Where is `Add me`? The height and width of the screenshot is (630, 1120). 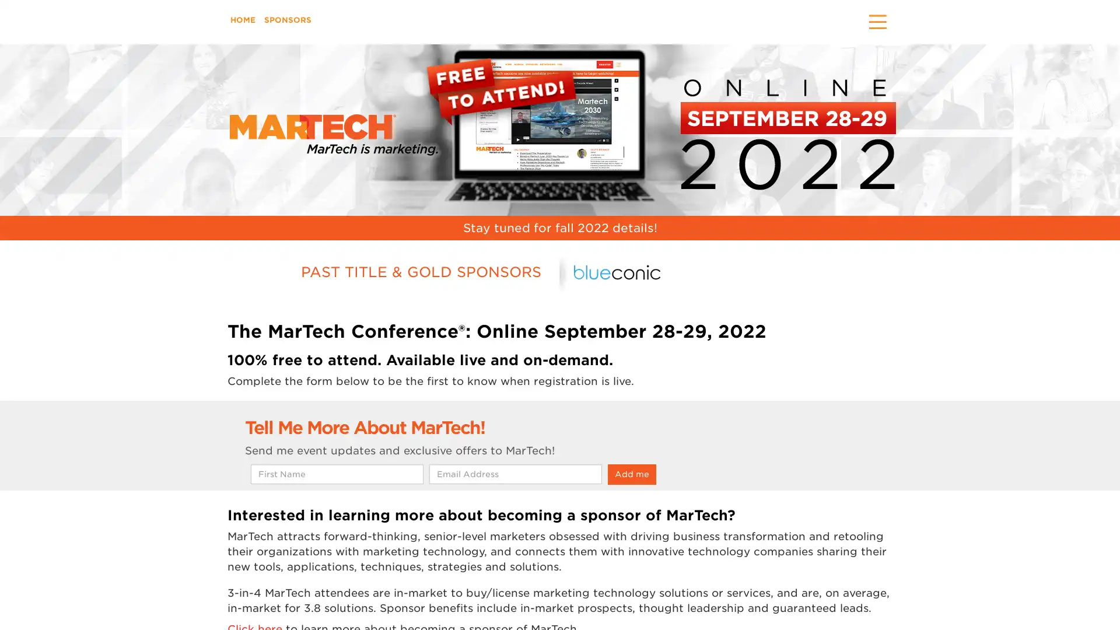 Add me is located at coordinates (631, 474).